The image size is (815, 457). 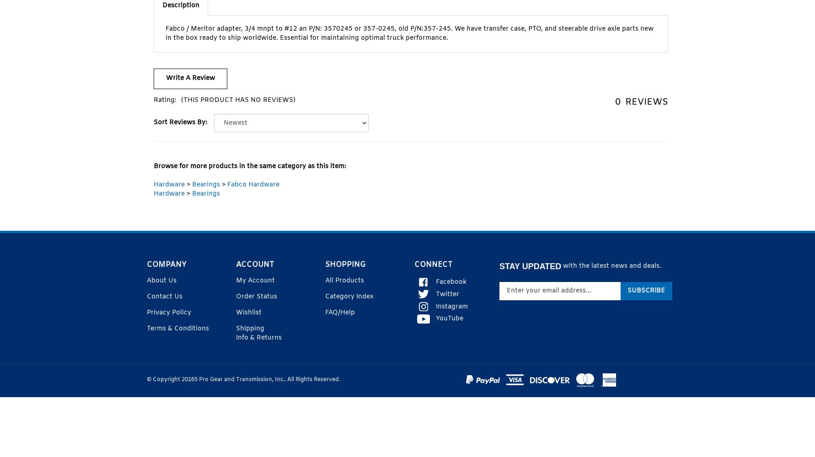 I want to click on '© Copyright', so click(x=164, y=379).